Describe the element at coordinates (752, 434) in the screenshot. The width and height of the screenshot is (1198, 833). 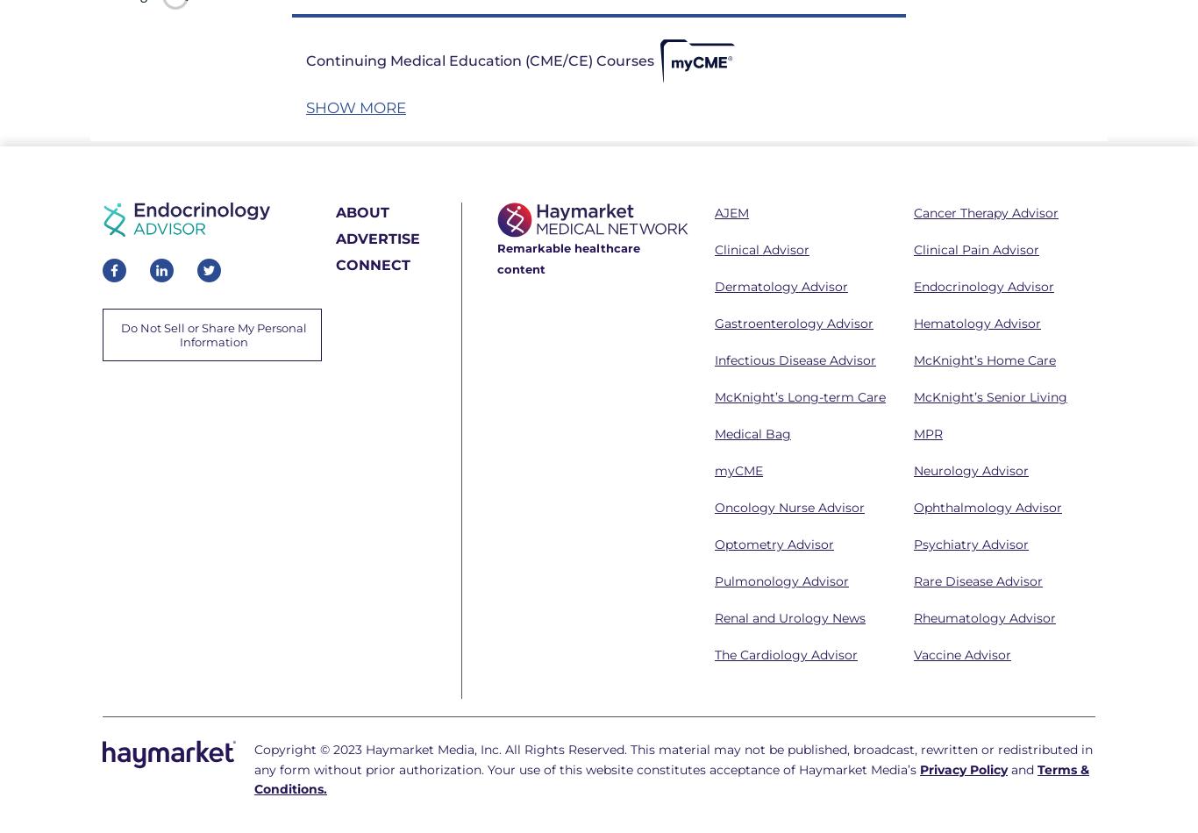
I see `'Medical Bag'` at that location.